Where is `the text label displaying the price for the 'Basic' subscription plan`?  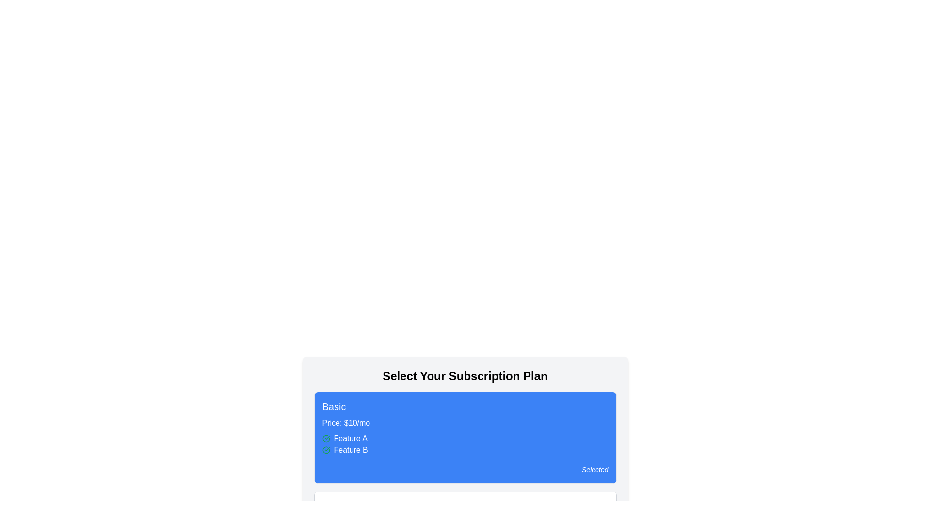 the text label displaying the price for the 'Basic' subscription plan is located at coordinates (346, 423).